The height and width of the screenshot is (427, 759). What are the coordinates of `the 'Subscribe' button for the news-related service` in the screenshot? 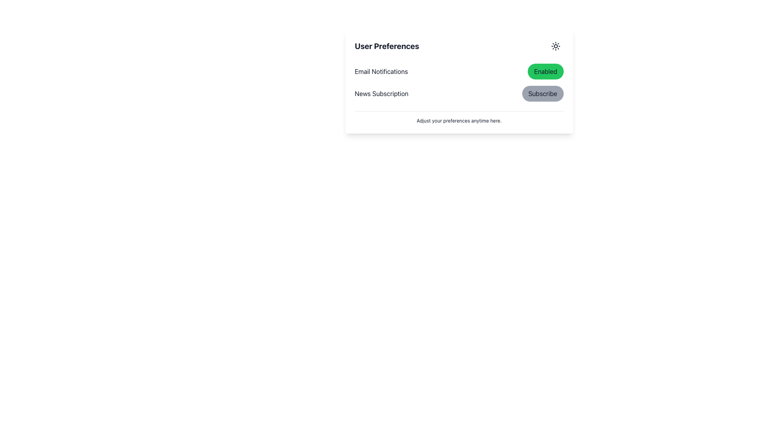 It's located at (542, 93).